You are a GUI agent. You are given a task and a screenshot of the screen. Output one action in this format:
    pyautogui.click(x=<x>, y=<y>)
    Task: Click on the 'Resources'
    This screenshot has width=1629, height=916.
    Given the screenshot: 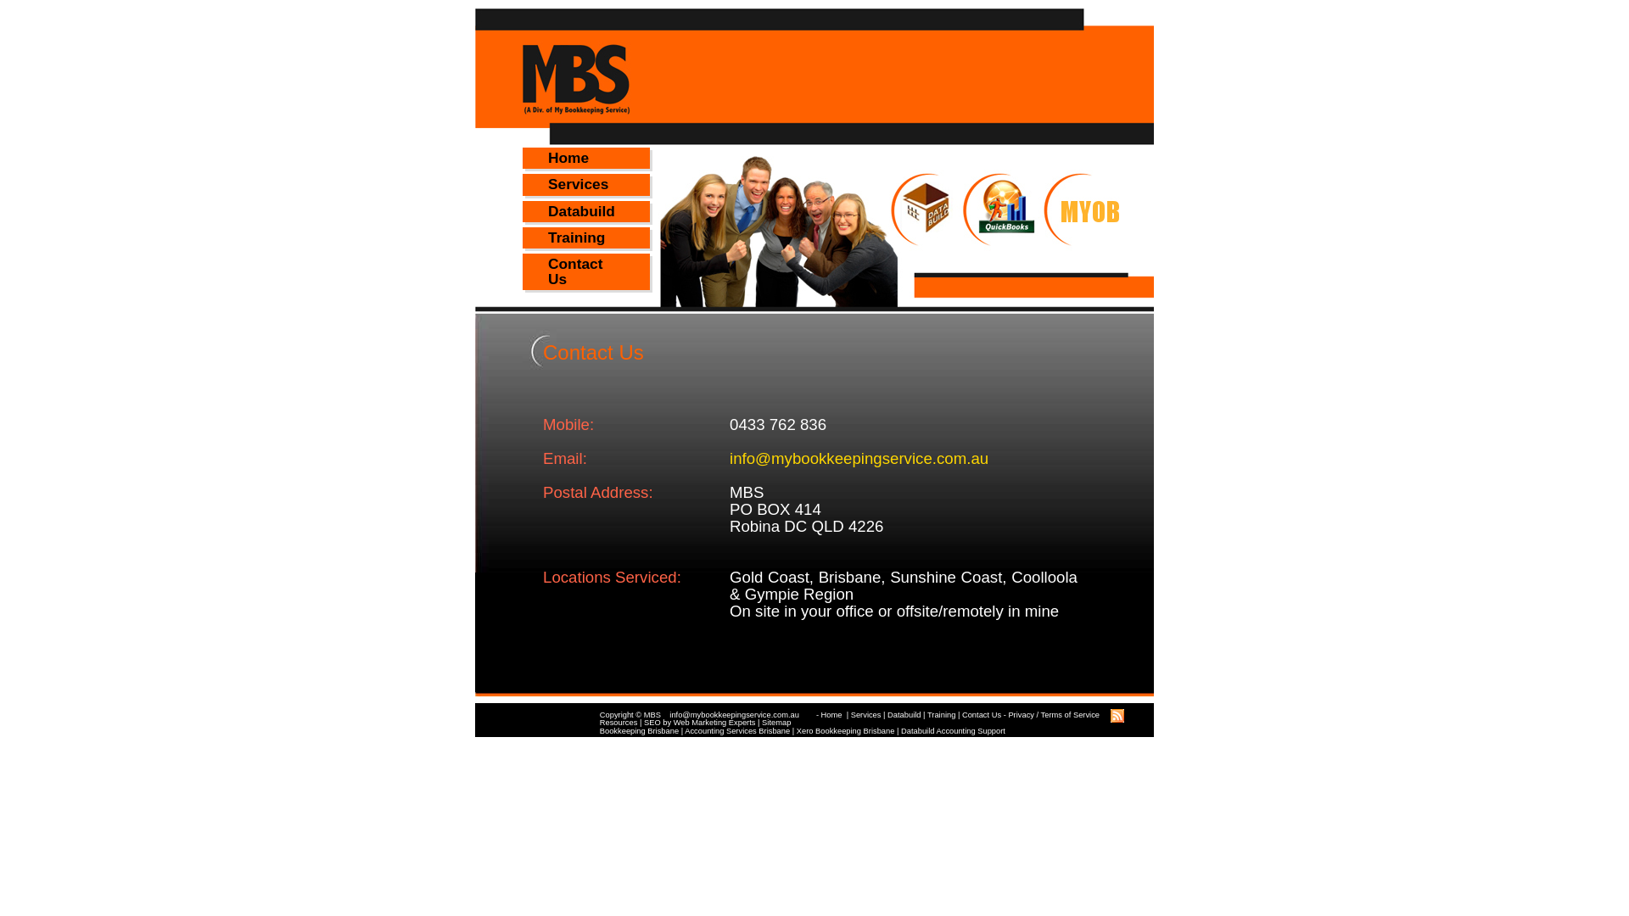 What is the action you would take?
    pyautogui.click(x=618, y=723)
    